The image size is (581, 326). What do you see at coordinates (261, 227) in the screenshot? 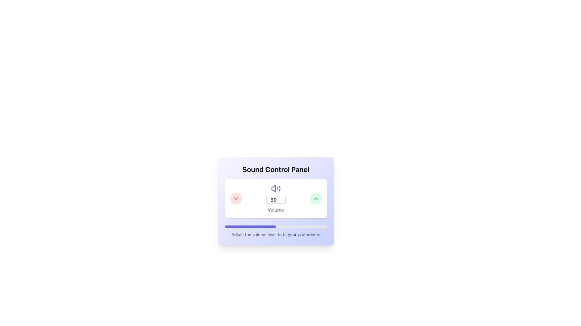
I see `the volume` at bounding box center [261, 227].